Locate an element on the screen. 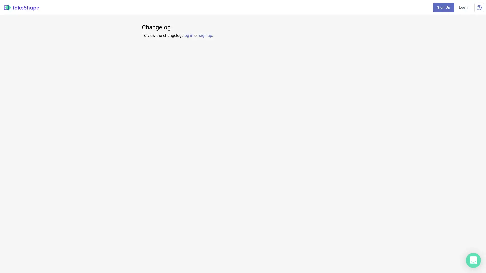 This screenshot has height=273, width=486. Sign Up is located at coordinates (443, 7).